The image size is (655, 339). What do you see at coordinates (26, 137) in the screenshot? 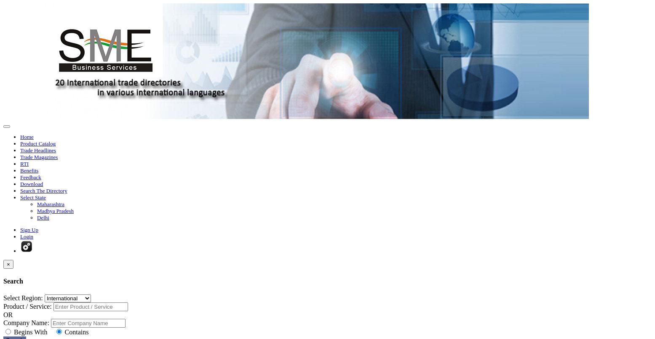
I see `'Home'` at bounding box center [26, 137].